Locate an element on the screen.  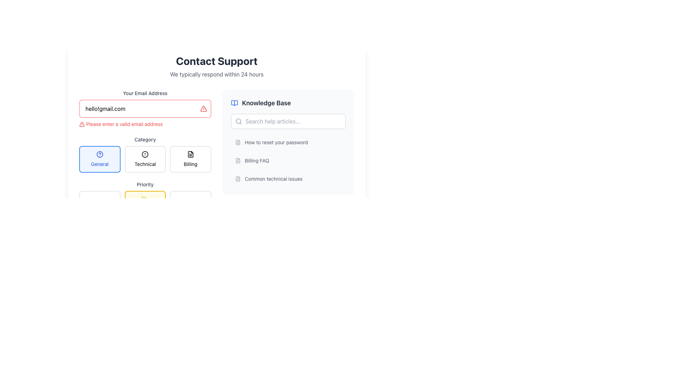
the 'Technical' category button located under the 'Category' label, positioned between 'General' and 'Billing' is located at coordinates (145, 154).